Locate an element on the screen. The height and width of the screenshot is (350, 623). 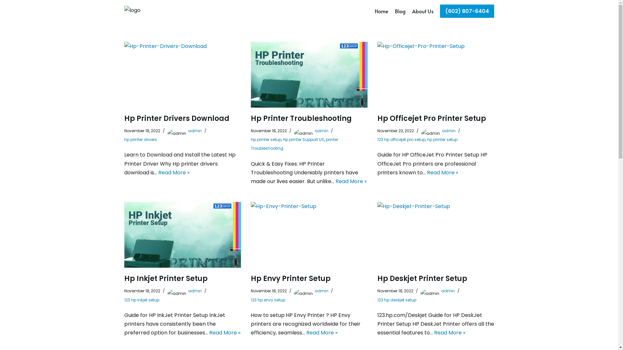
'Hp Printer Troubleshooting' is located at coordinates (308, 74).